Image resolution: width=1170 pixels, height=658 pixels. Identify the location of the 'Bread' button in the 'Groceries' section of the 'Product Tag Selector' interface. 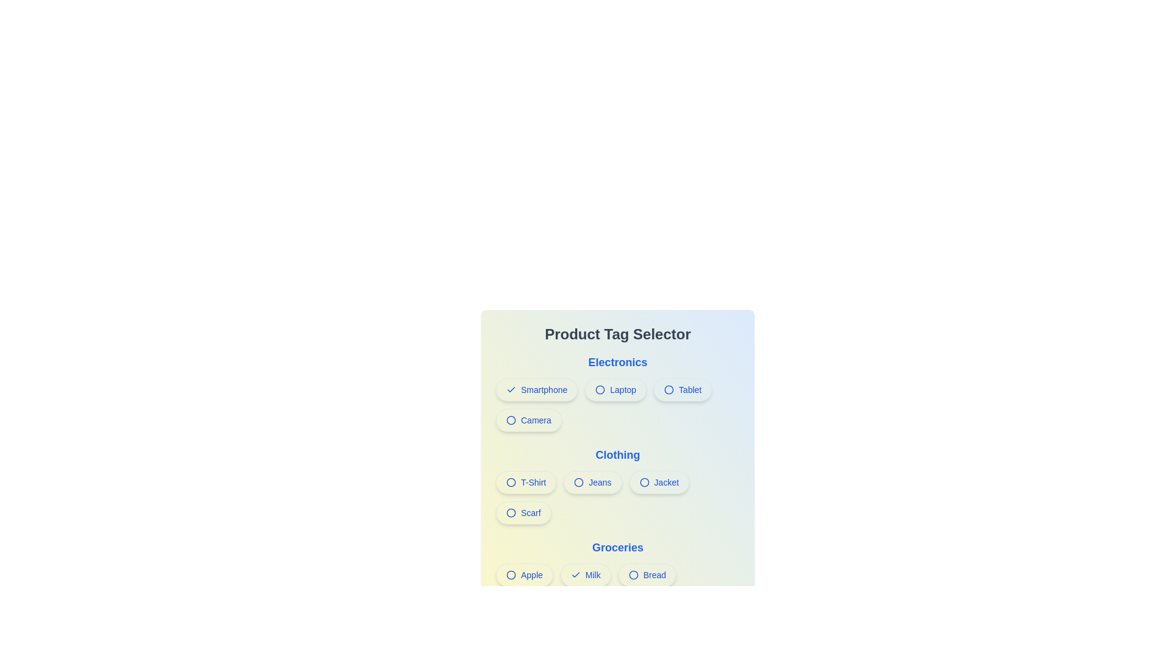
(647, 575).